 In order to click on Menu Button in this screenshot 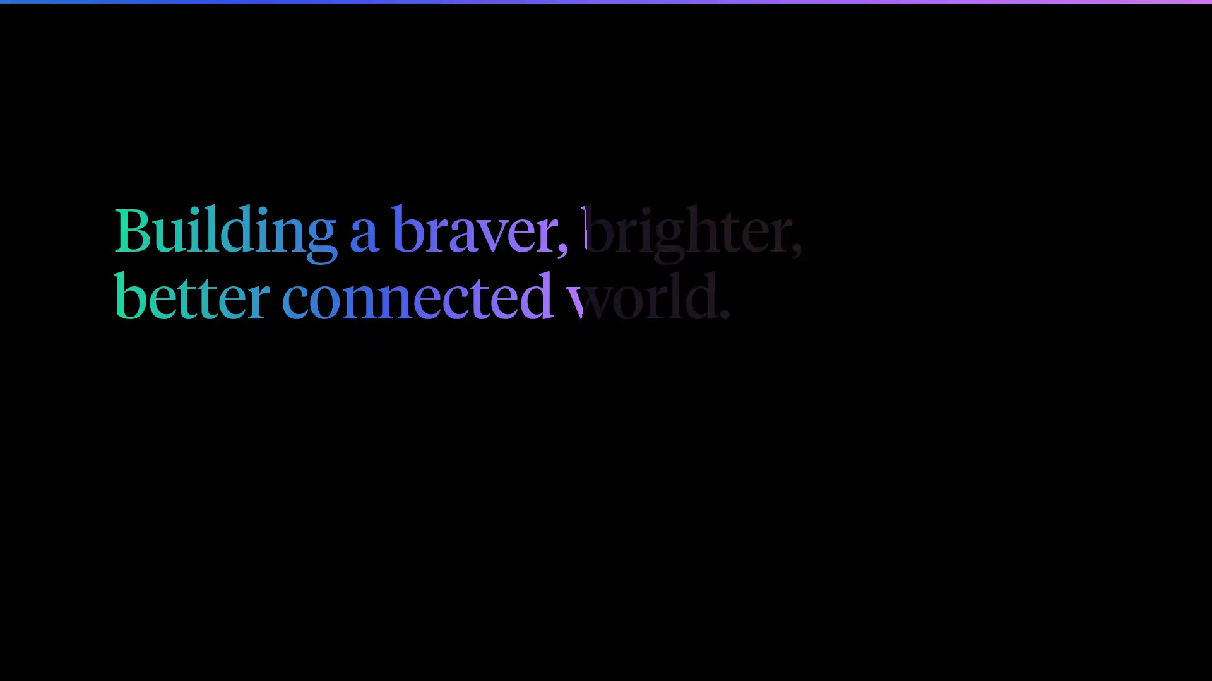, I will do `click(1084, 33)`.